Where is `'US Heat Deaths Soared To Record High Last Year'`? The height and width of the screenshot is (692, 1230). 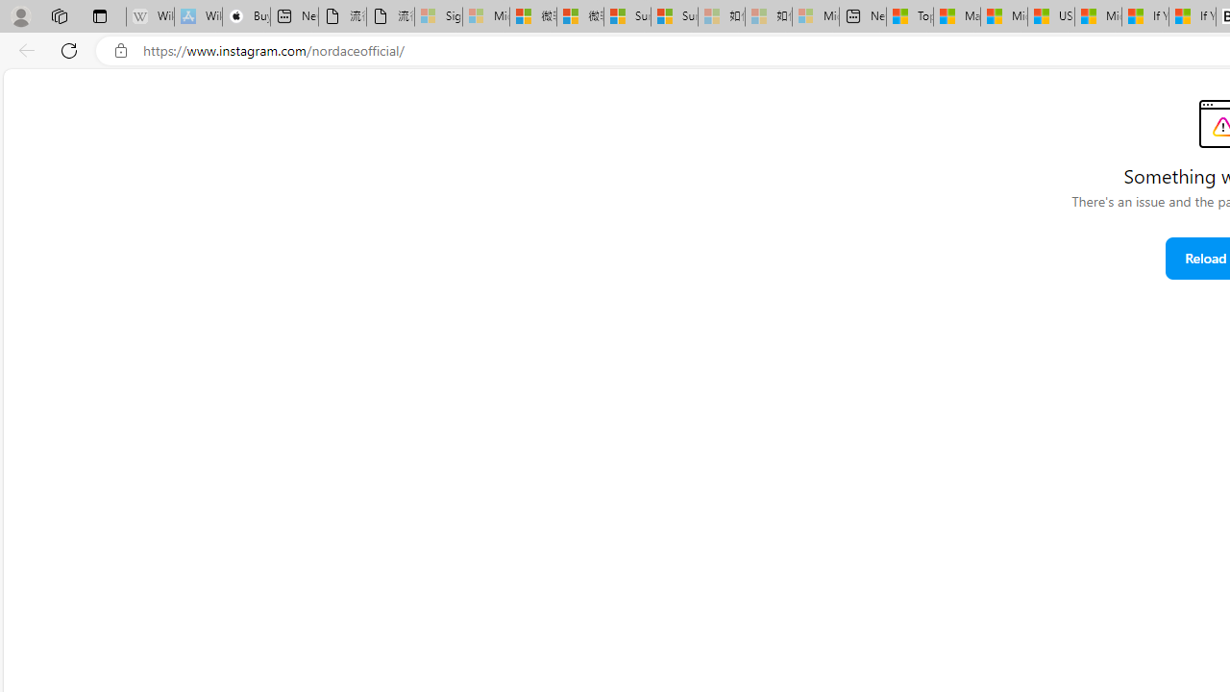 'US Heat Deaths Soared To Record High Last Year' is located at coordinates (1049, 16).